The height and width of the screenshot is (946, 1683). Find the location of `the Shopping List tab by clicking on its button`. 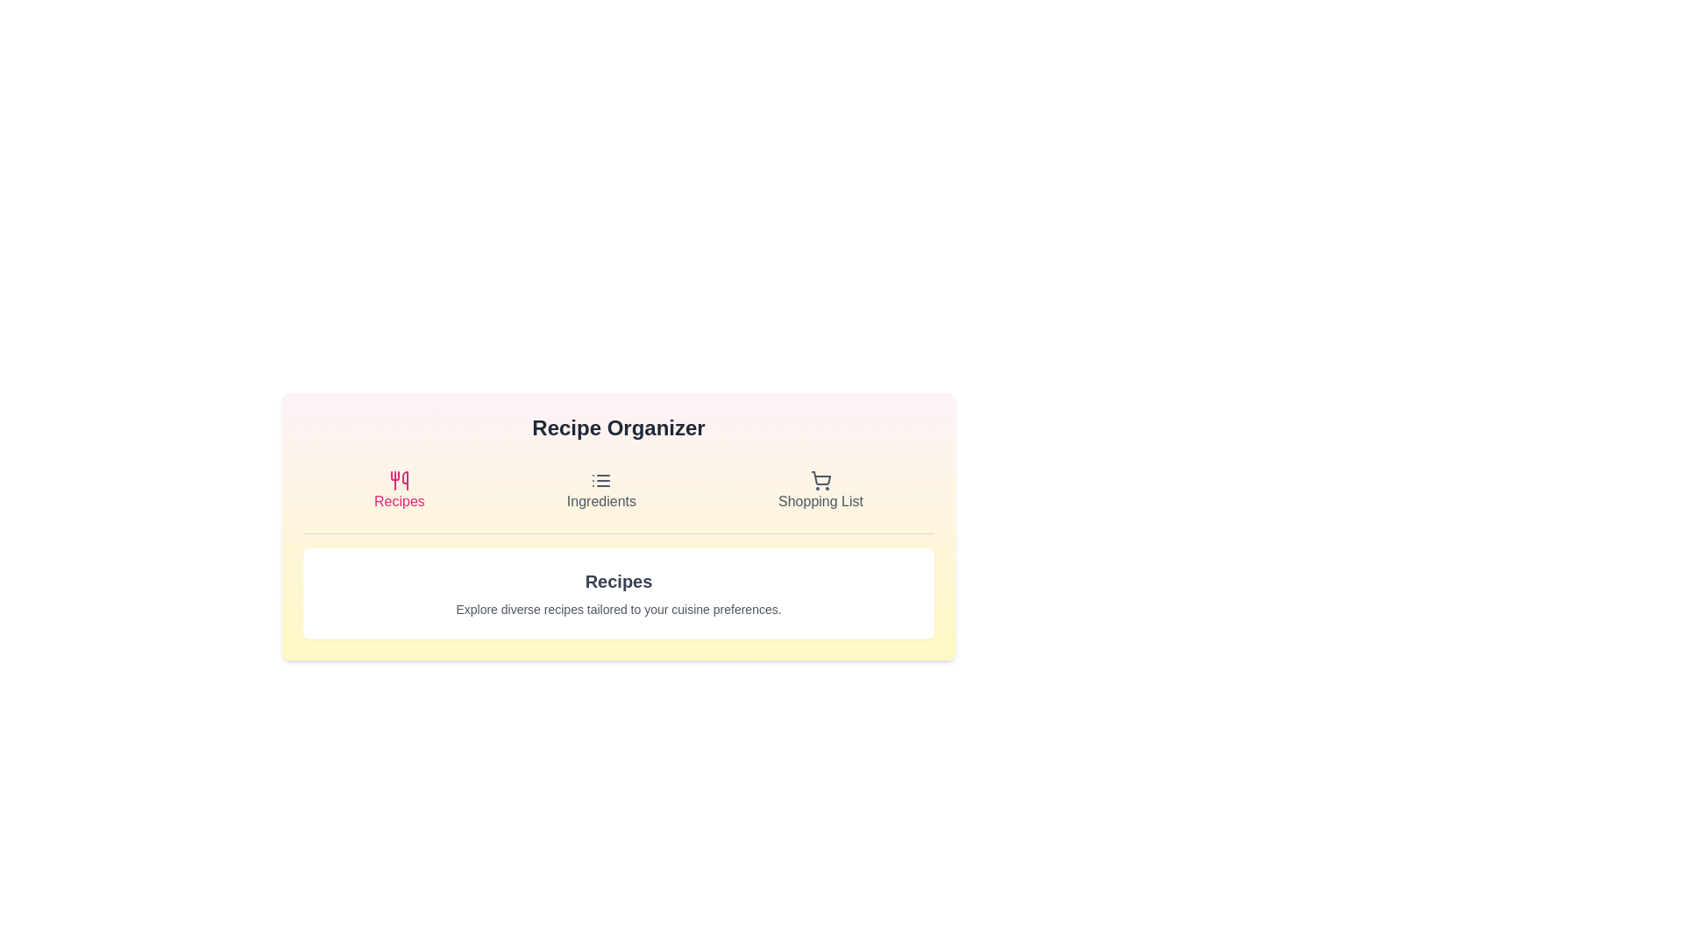

the Shopping List tab by clicking on its button is located at coordinates (820, 491).